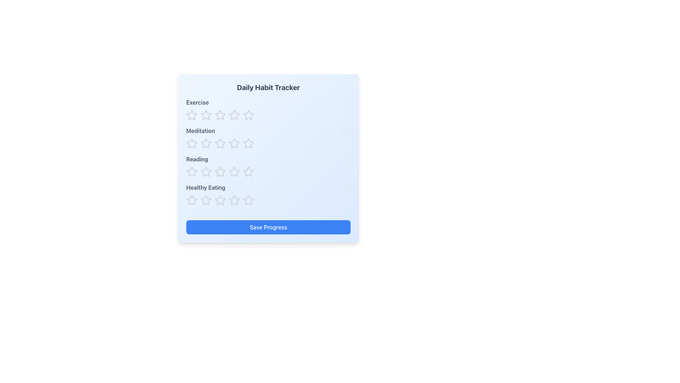  Describe the element at coordinates (220, 144) in the screenshot. I see `the fourth star icon in the rating component for the 'Meditation' category on the 'Daily Habit Tracker' interface` at that location.